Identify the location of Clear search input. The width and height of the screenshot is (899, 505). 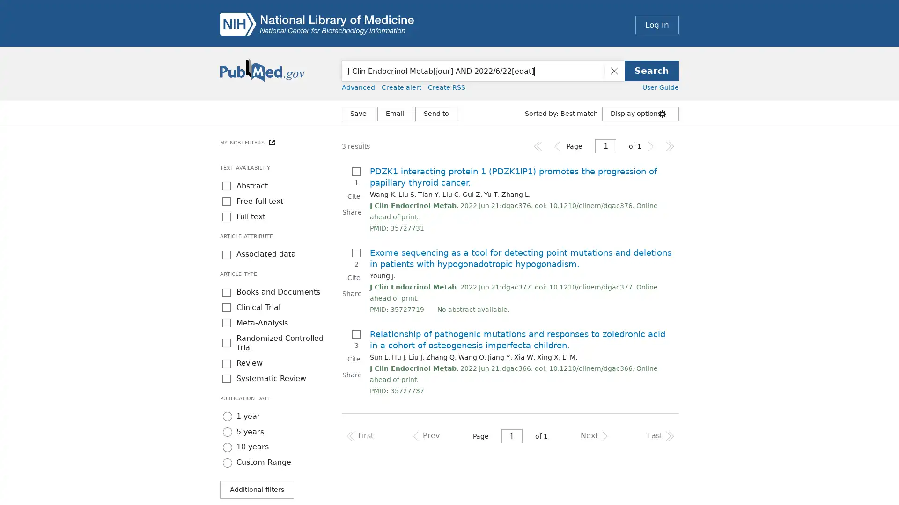
(613, 70).